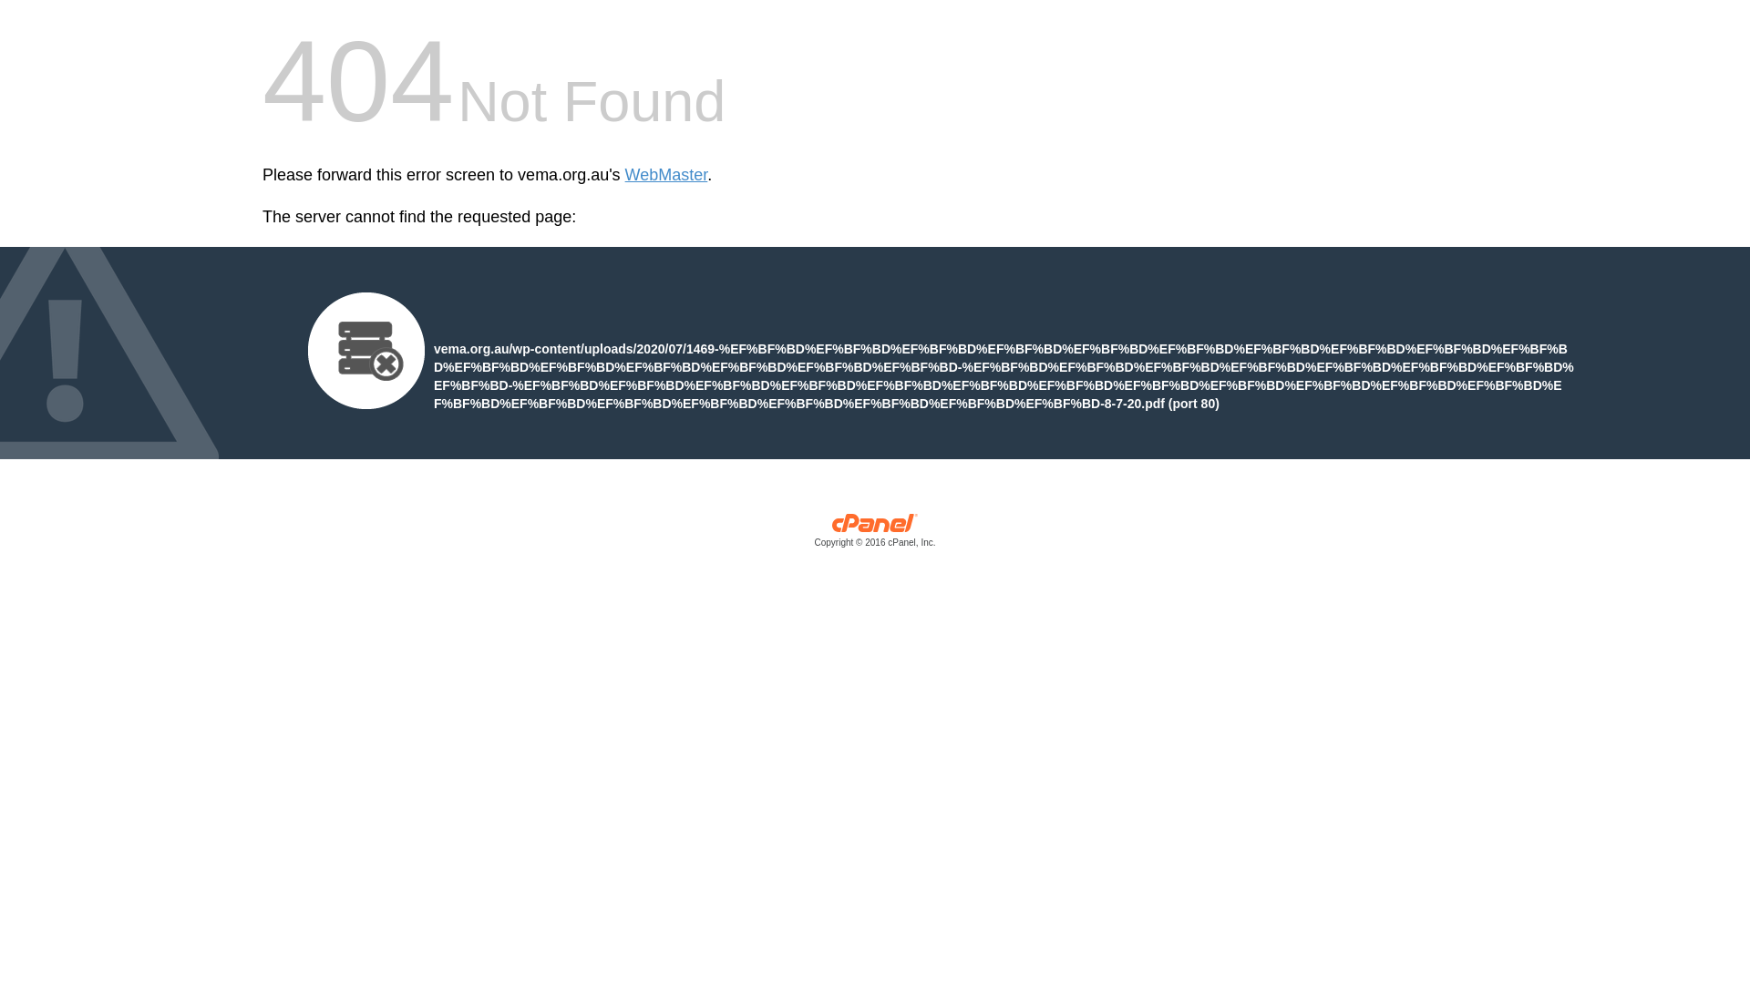  What do you see at coordinates (665, 175) in the screenshot?
I see `'WebMaster'` at bounding box center [665, 175].